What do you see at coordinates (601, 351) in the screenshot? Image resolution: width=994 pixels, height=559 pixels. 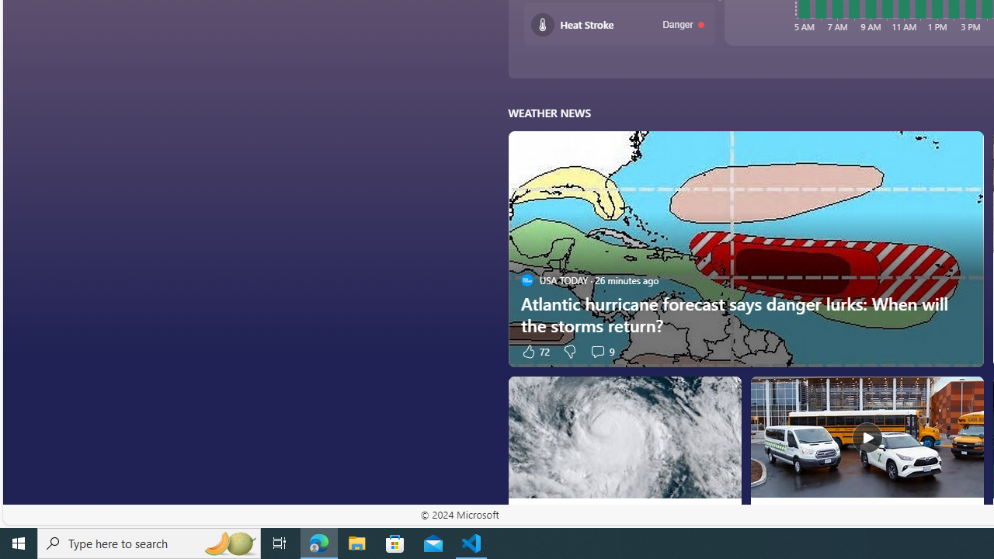 I see `'View comments 9 Comment'` at bounding box center [601, 351].